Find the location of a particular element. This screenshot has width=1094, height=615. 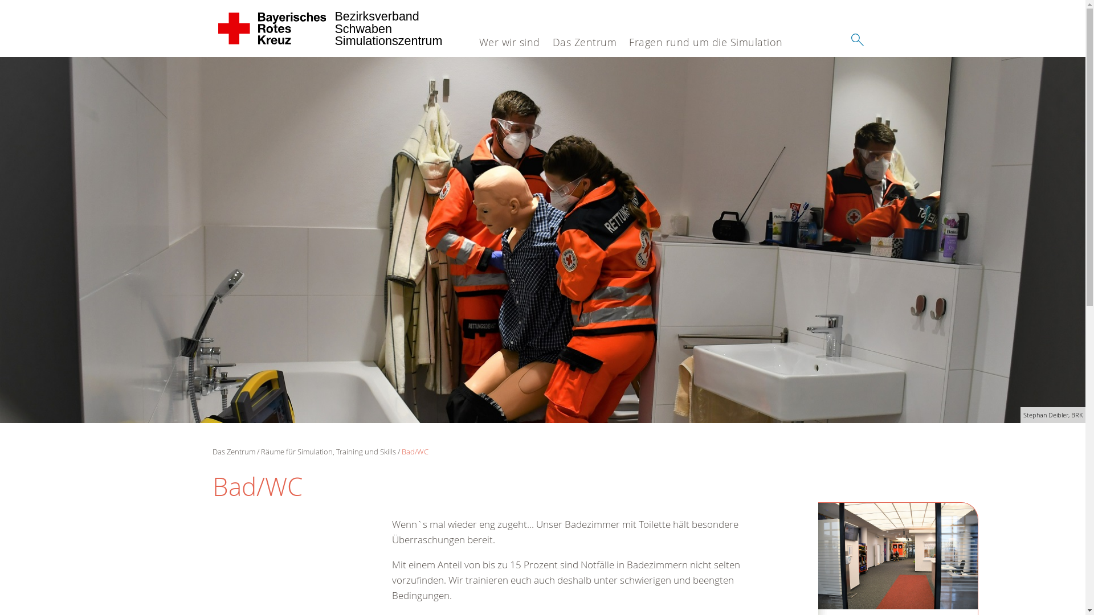

'Eingang Simulationszentrum' is located at coordinates (897, 555).